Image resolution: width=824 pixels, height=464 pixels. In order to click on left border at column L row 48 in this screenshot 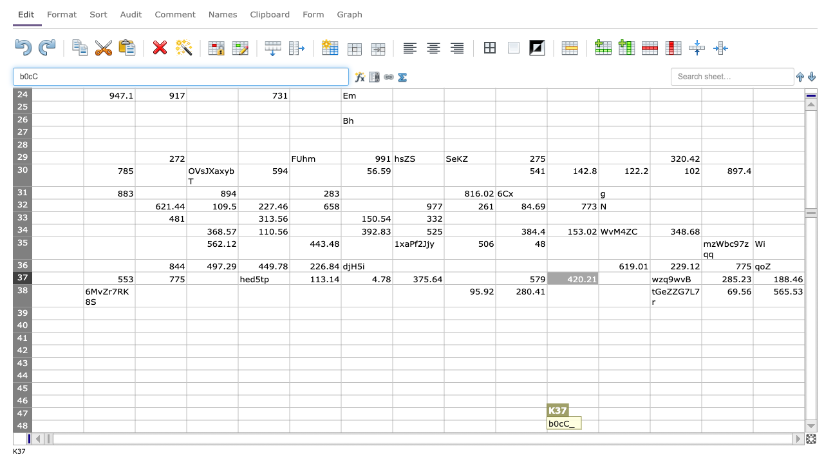, I will do `click(598, 426)`.